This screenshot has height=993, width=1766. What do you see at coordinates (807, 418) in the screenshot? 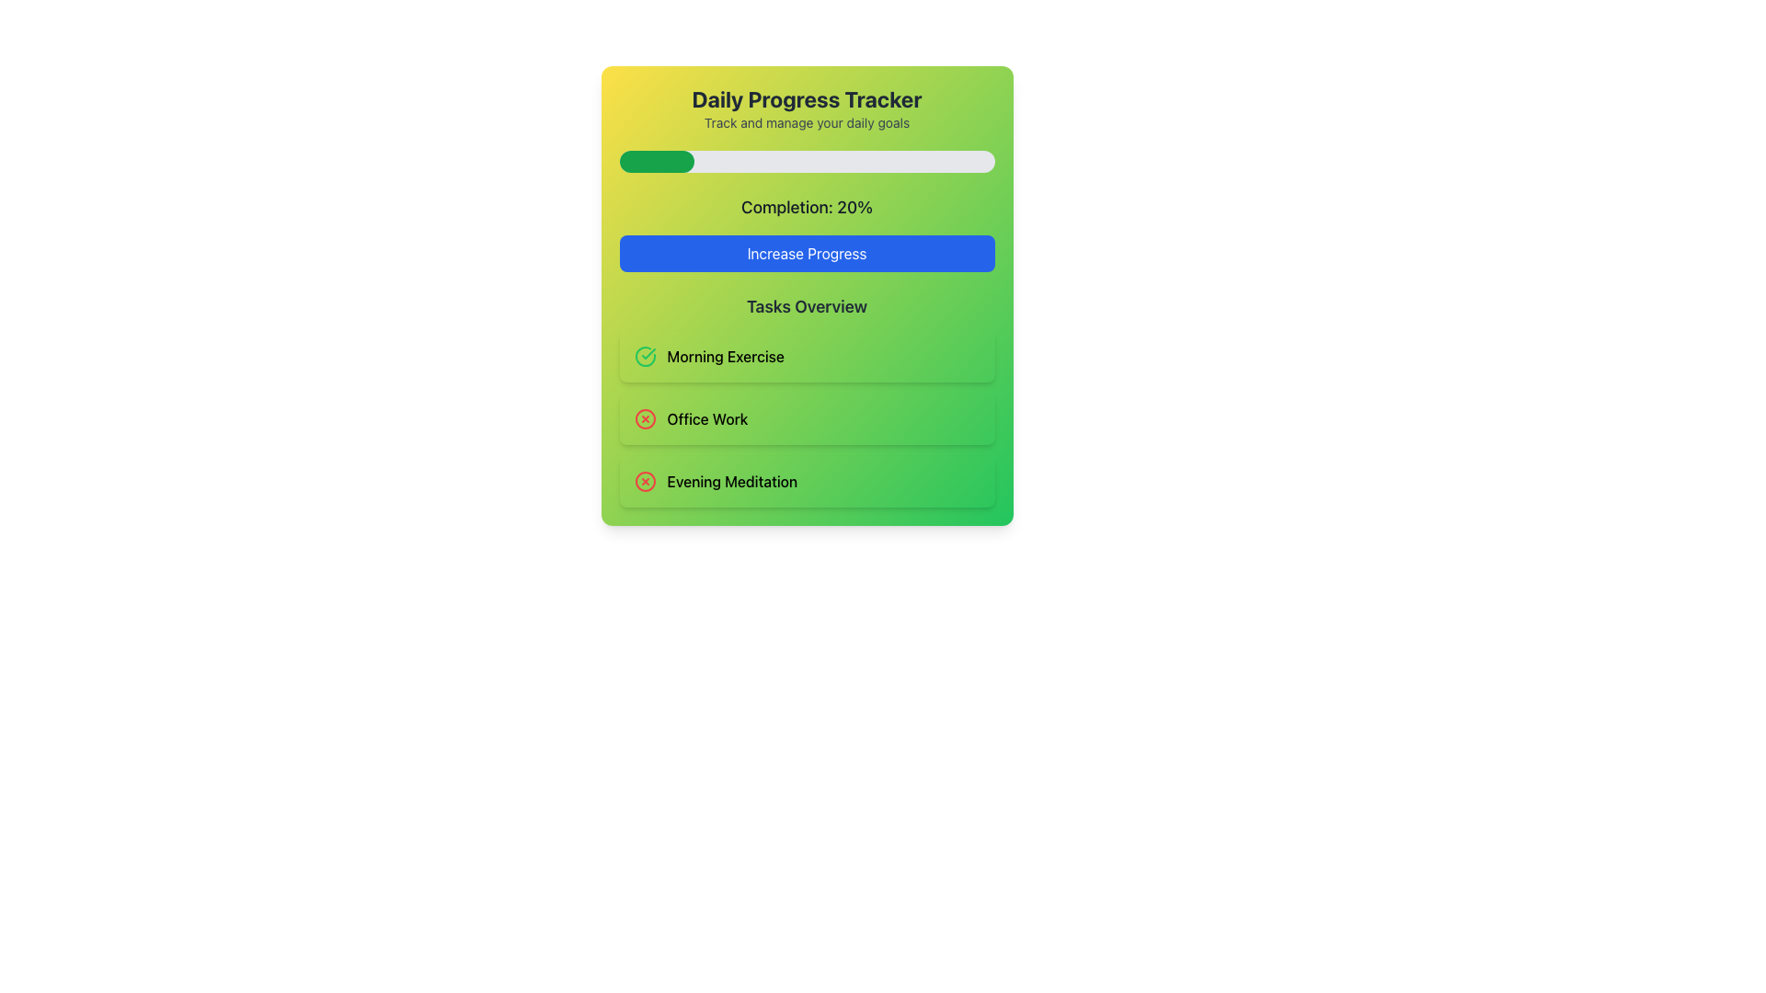
I see `the task labeled 'Office Work' in the 'Tasks Overview' section, which is the second item in the list` at bounding box center [807, 418].